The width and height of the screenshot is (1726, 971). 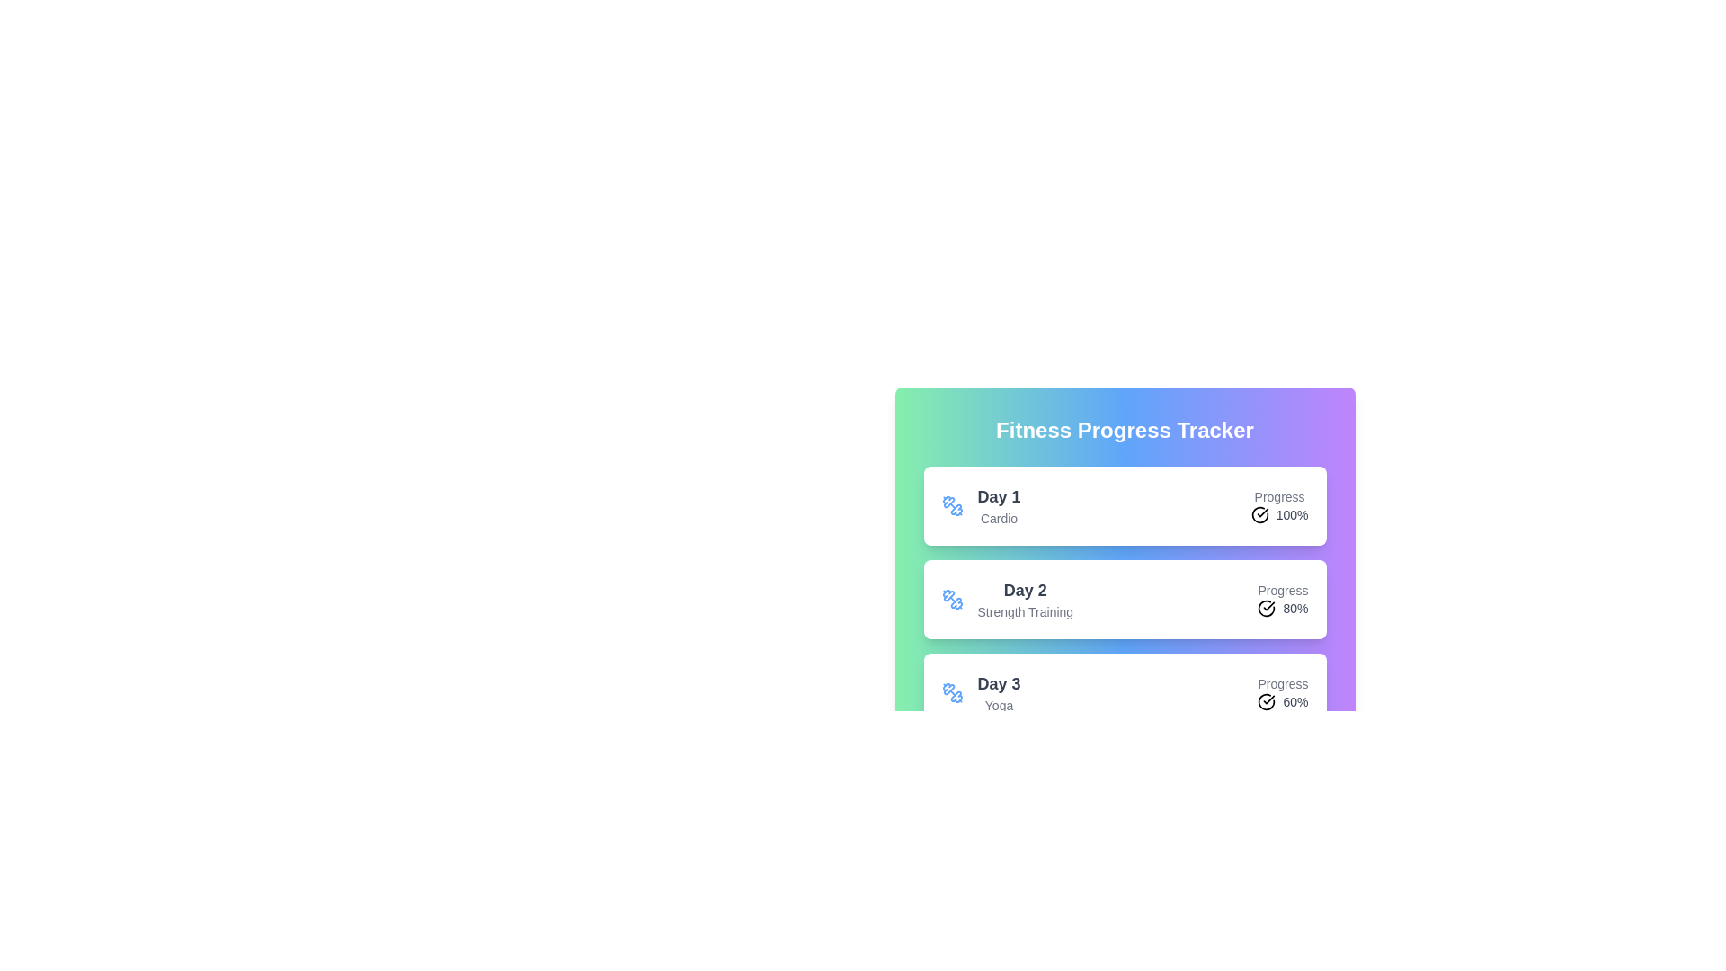 What do you see at coordinates (1282, 600) in the screenshot?
I see `the progress indicator for Day 2` at bounding box center [1282, 600].